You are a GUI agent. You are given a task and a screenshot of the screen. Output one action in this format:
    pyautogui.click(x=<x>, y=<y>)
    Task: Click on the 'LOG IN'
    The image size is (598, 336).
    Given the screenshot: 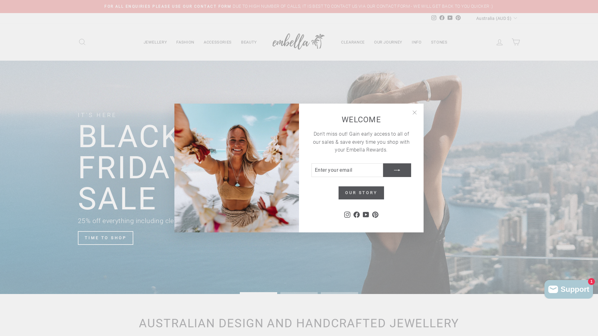 What is the action you would take?
    pyautogui.click(x=499, y=42)
    